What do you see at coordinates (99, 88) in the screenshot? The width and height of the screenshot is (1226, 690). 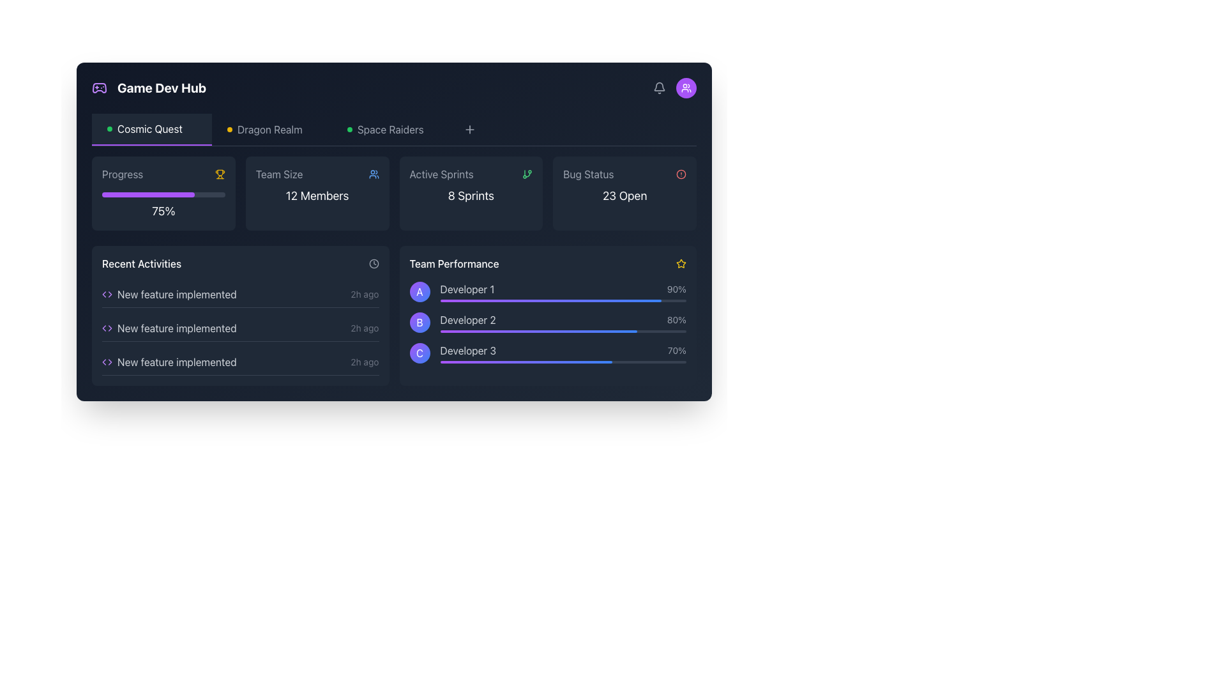 I see `the game controller icon with a purple color theme located at the top-left corner of the interface, adjacent to the text 'Game Dev Hub'` at bounding box center [99, 88].